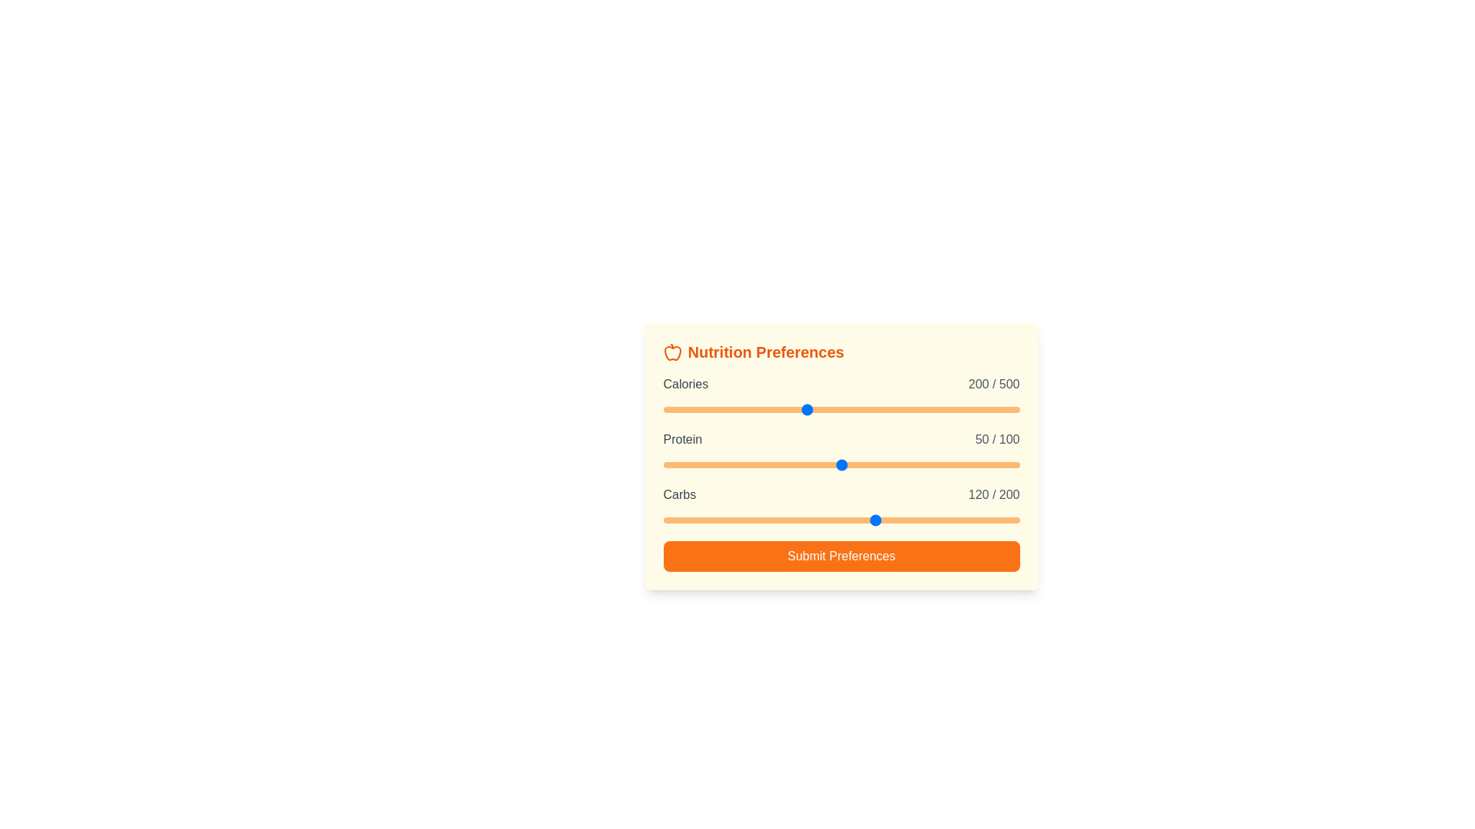 Image resolution: width=1475 pixels, height=829 pixels. Describe the element at coordinates (970, 520) in the screenshot. I see `the carbs value` at that location.